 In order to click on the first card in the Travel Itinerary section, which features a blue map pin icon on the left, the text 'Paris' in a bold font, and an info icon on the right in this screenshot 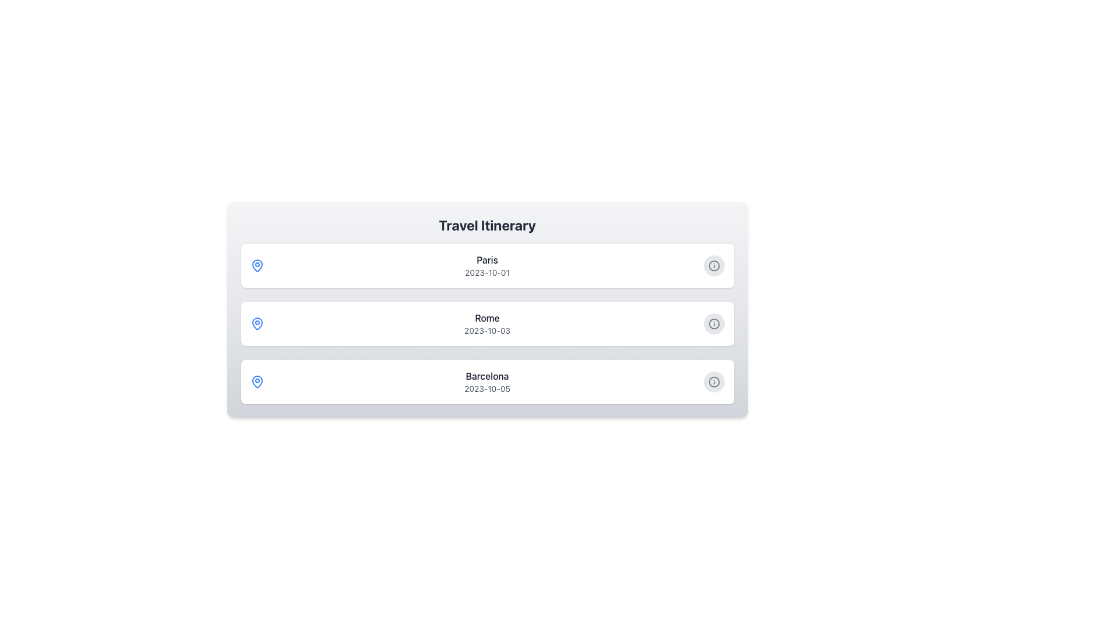, I will do `click(487, 266)`.